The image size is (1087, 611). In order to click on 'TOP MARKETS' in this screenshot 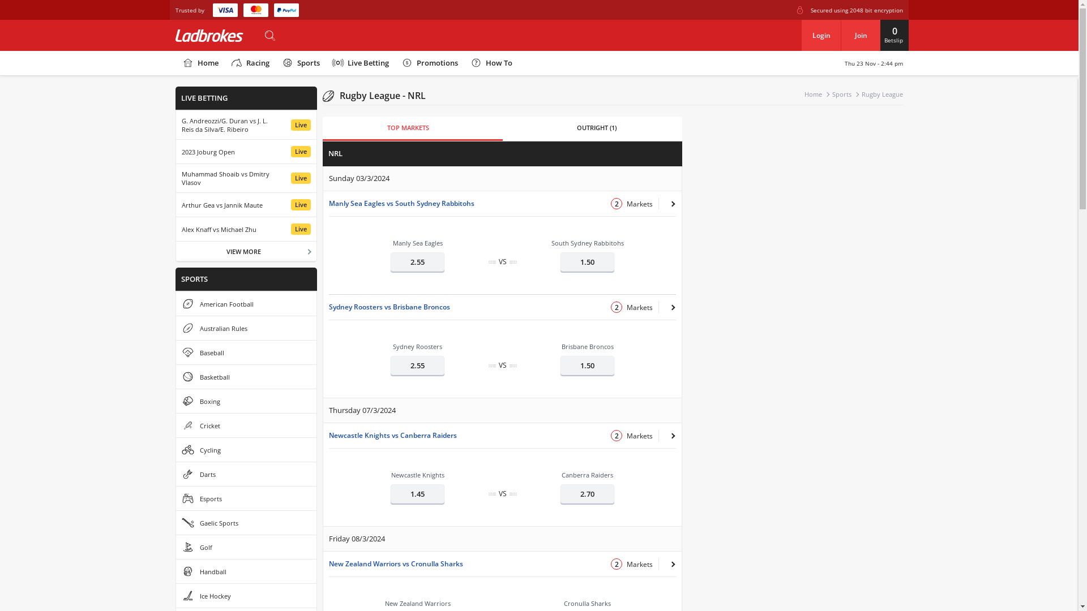, I will do `click(408, 128)`.